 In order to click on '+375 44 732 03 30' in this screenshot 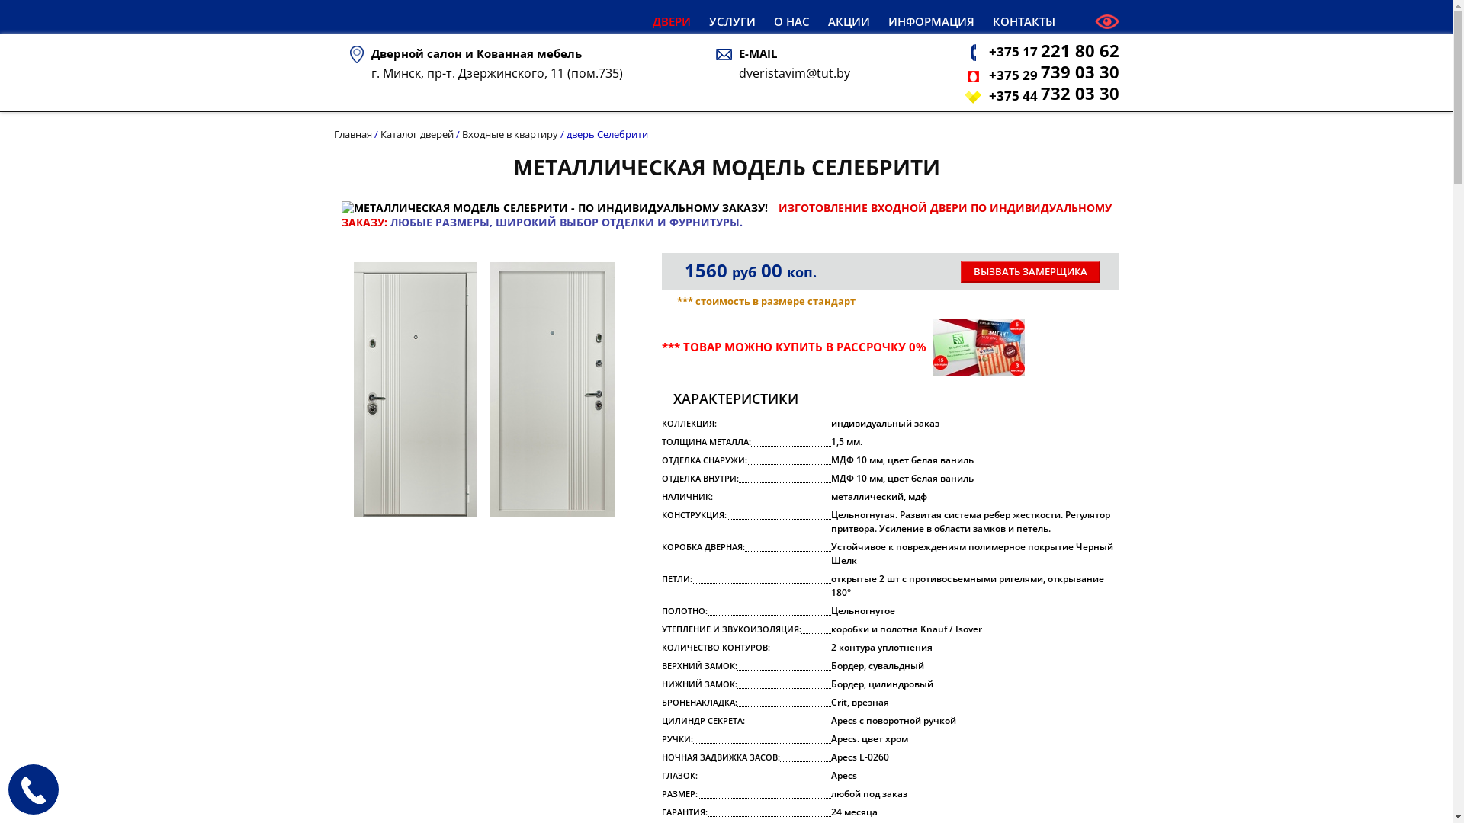, I will do `click(988, 95)`.